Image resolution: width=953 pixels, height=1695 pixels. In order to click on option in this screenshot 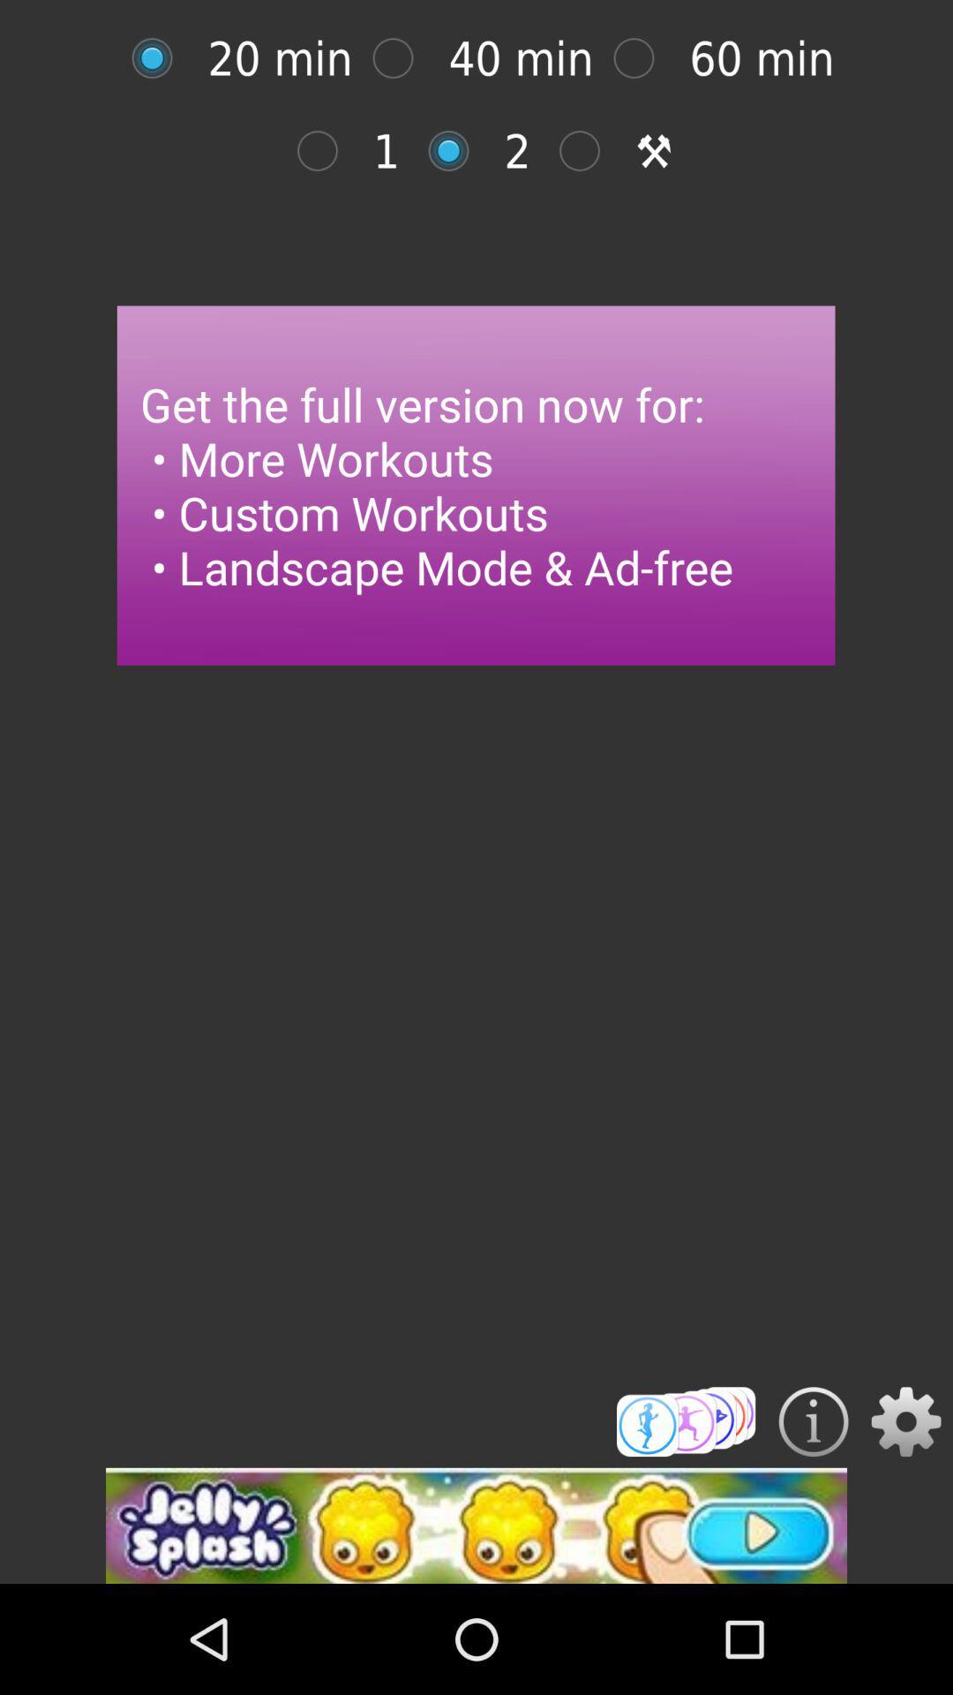, I will do `click(643, 58)`.